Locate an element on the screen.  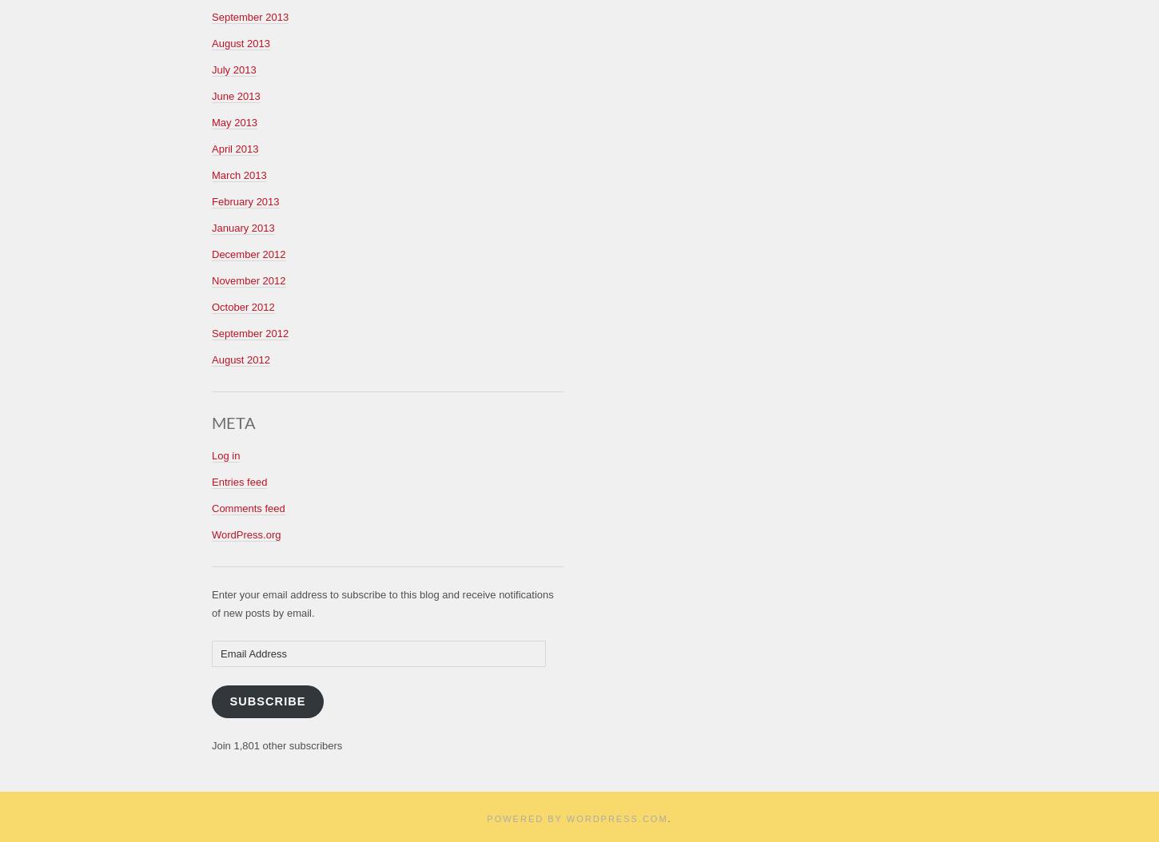
'WordPress.org' is located at coordinates (212, 534).